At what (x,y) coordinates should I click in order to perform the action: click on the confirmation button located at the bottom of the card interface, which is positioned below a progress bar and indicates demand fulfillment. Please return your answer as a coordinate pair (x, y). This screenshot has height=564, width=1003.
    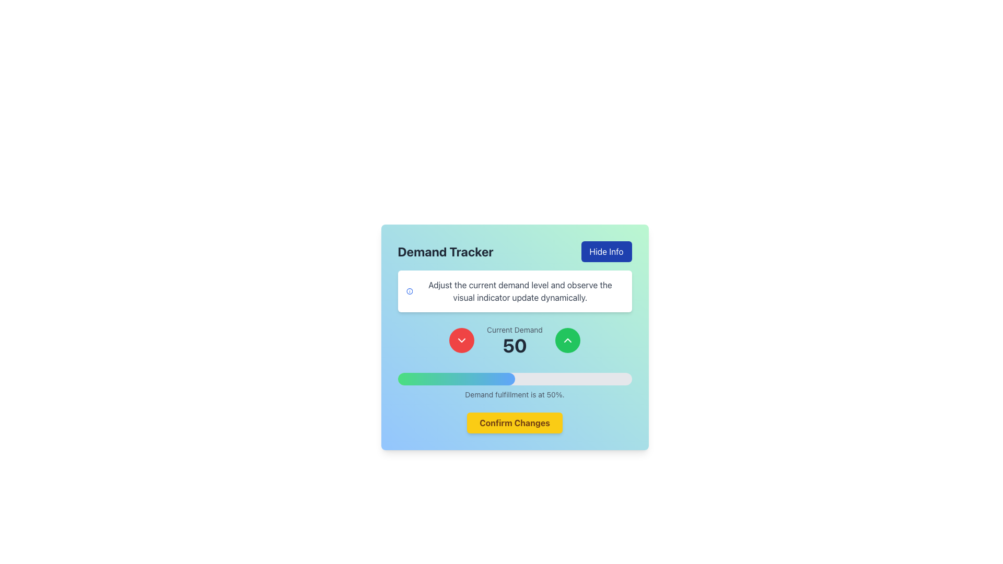
    Looking at the image, I should click on (515, 423).